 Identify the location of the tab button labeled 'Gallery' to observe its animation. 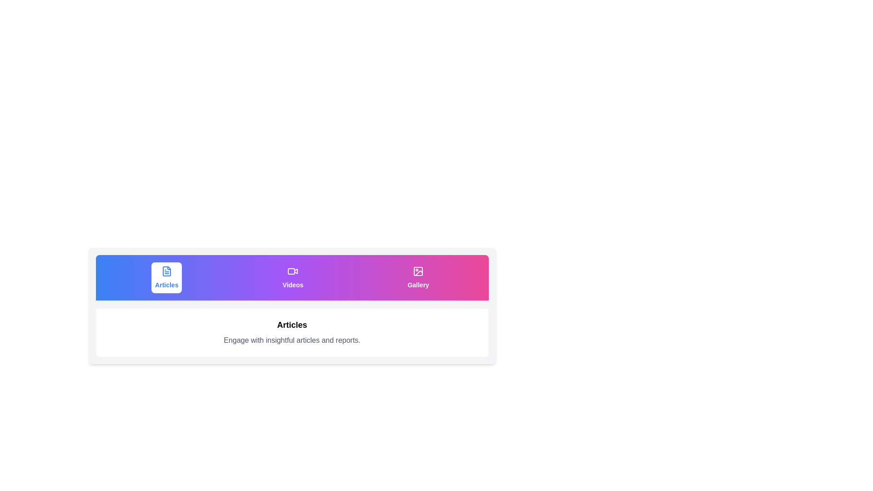
(418, 277).